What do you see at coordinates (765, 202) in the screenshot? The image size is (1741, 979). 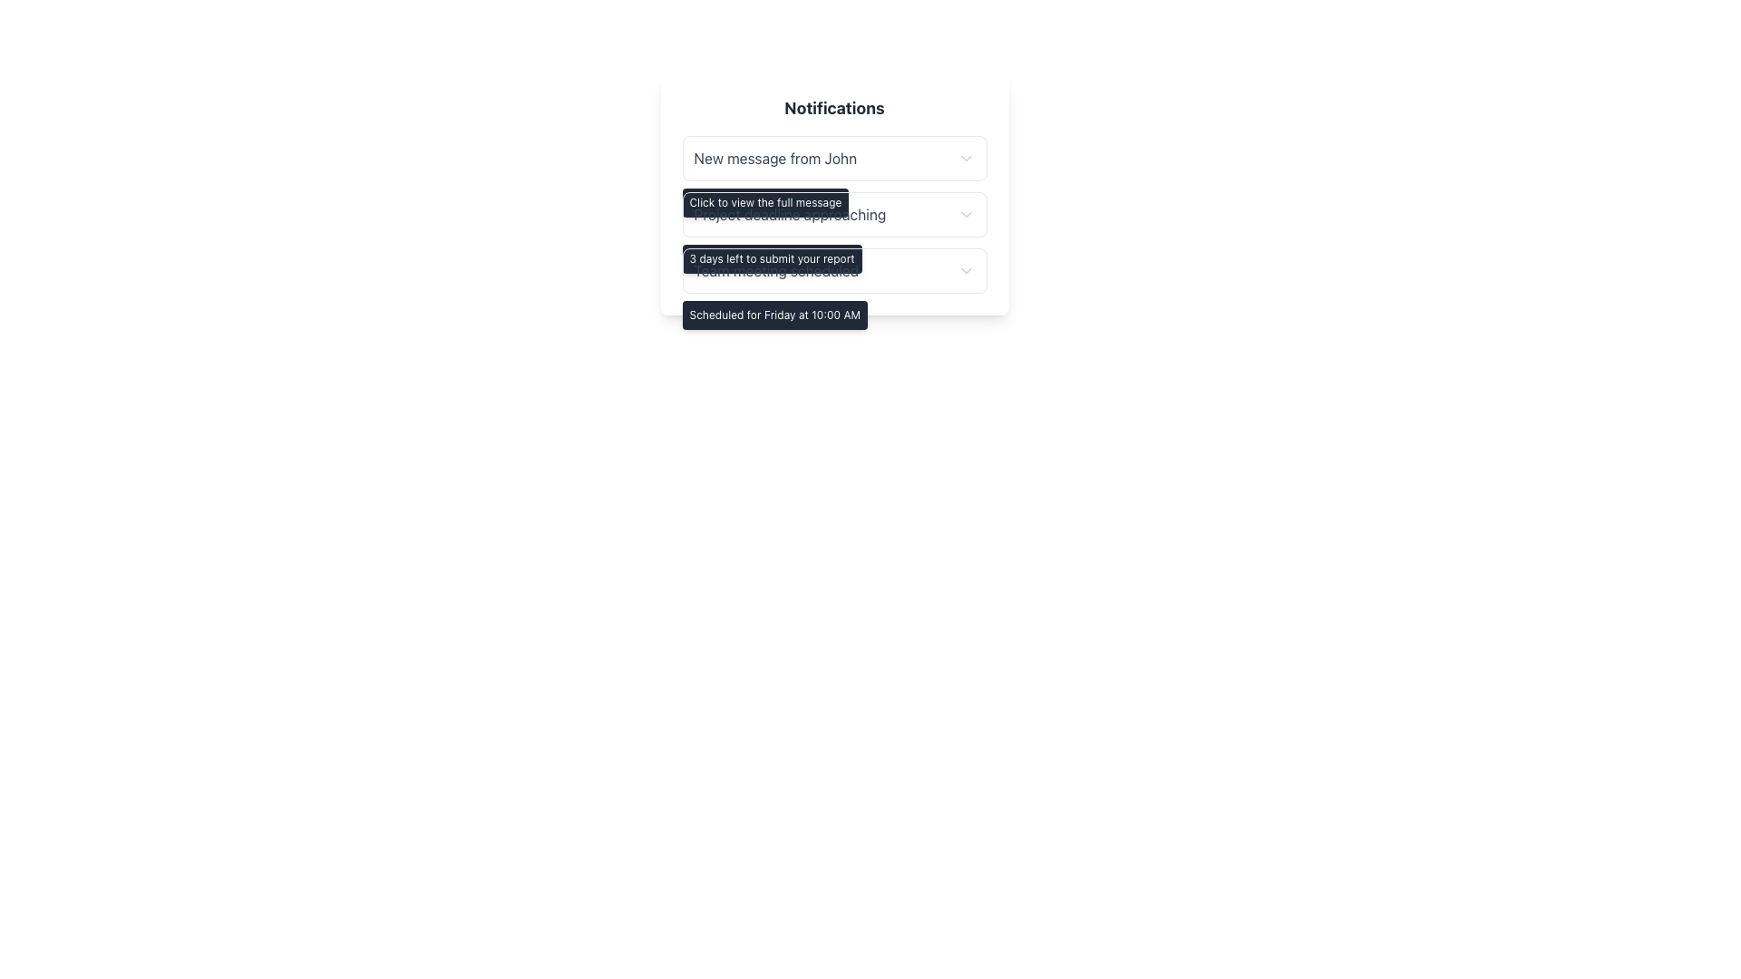 I see `the tooltip containing the text 'Click` at bounding box center [765, 202].